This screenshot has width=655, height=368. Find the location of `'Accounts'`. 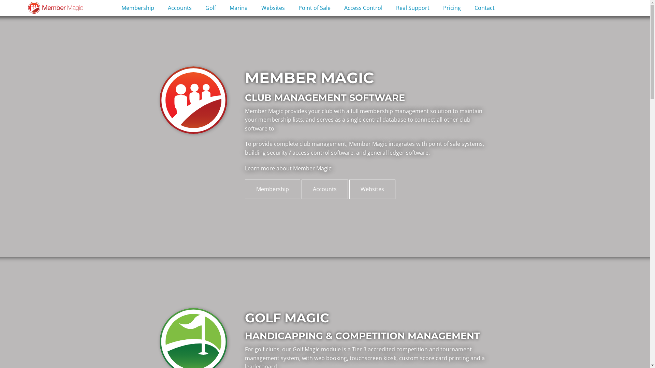

'Accounts' is located at coordinates (324, 189).